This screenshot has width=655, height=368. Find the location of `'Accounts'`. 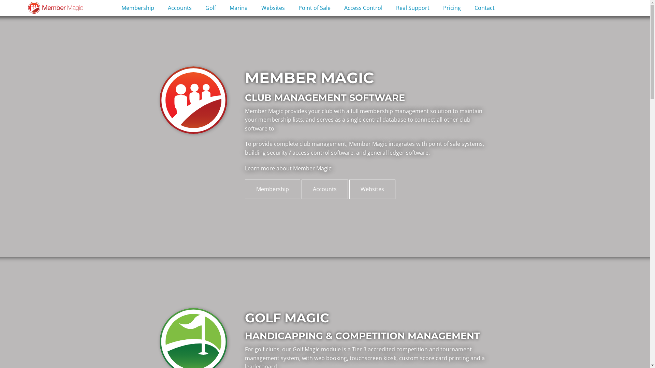

'Accounts' is located at coordinates (324, 189).